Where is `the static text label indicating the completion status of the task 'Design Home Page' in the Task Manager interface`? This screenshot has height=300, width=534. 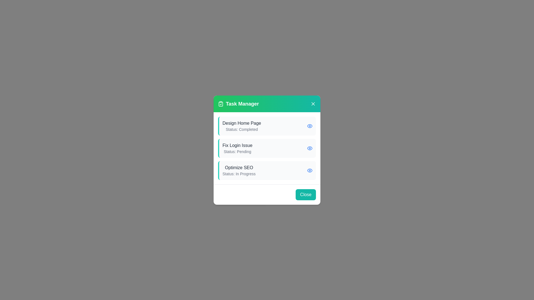
the static text label indicating the completion status of the task 'Design Home Page' in the Task Manager interface is located at coordinates (242, 129).